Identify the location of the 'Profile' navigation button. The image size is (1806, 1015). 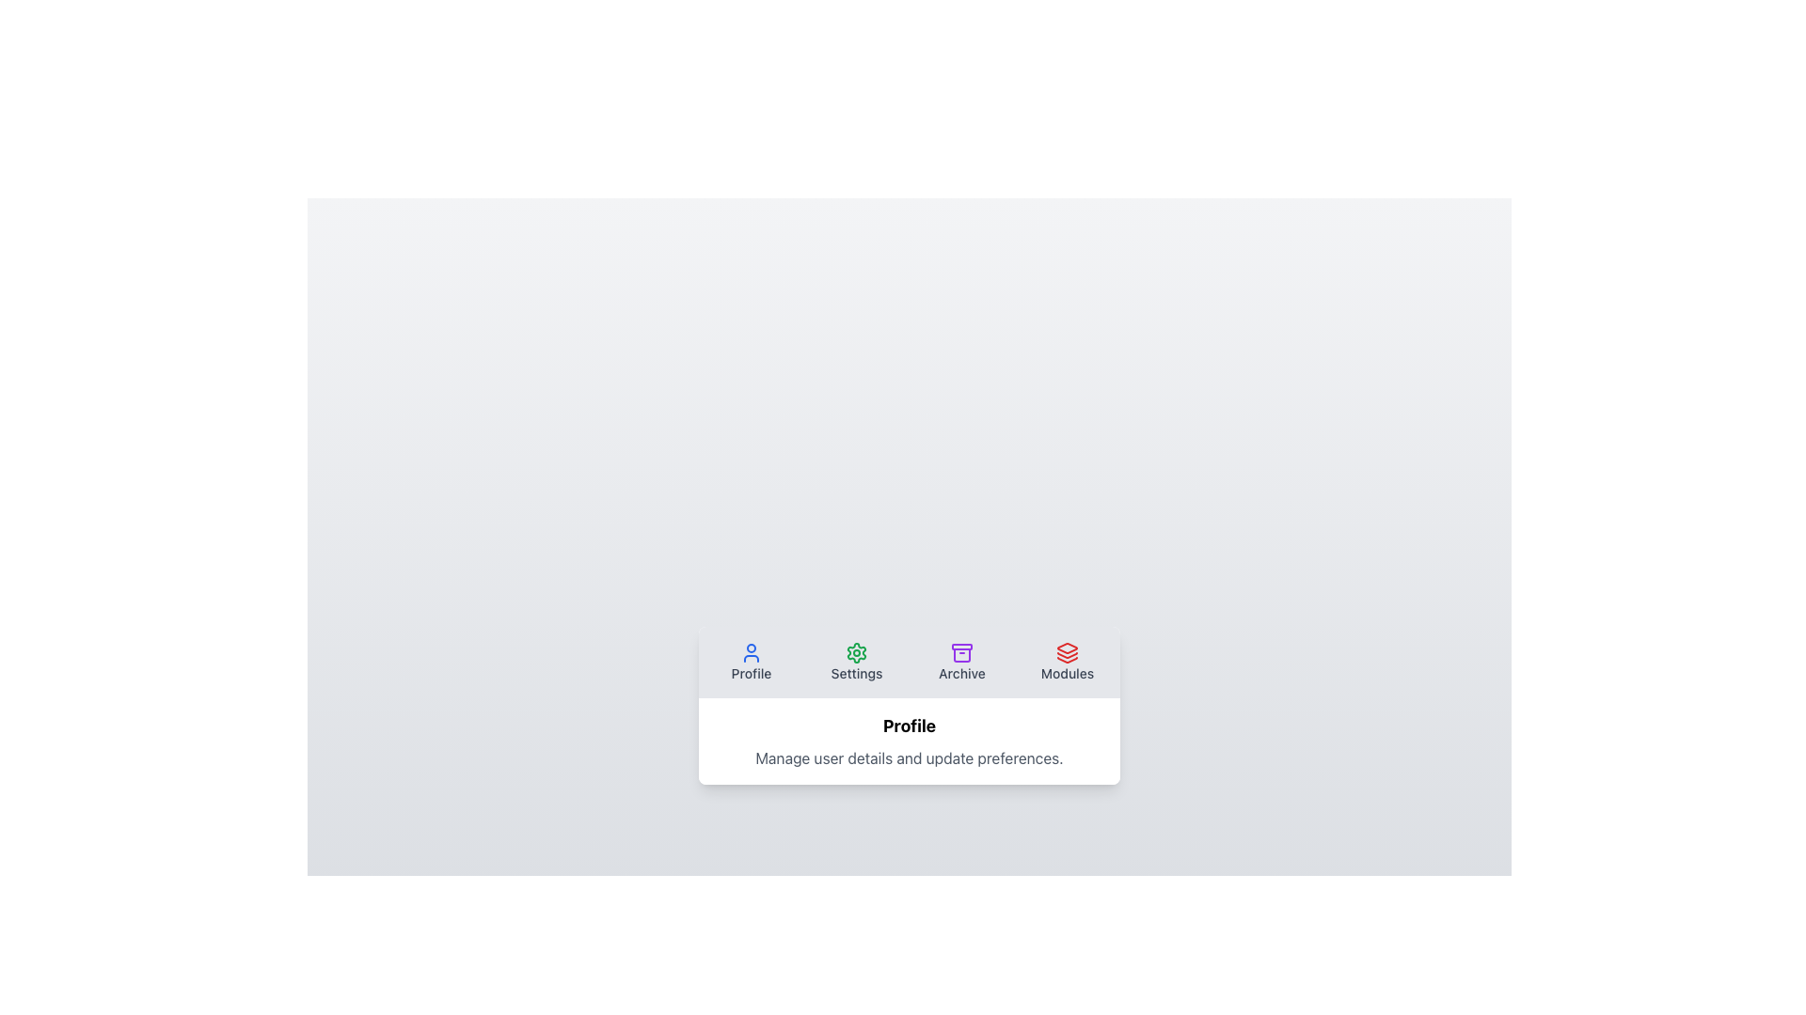
(750, 662).